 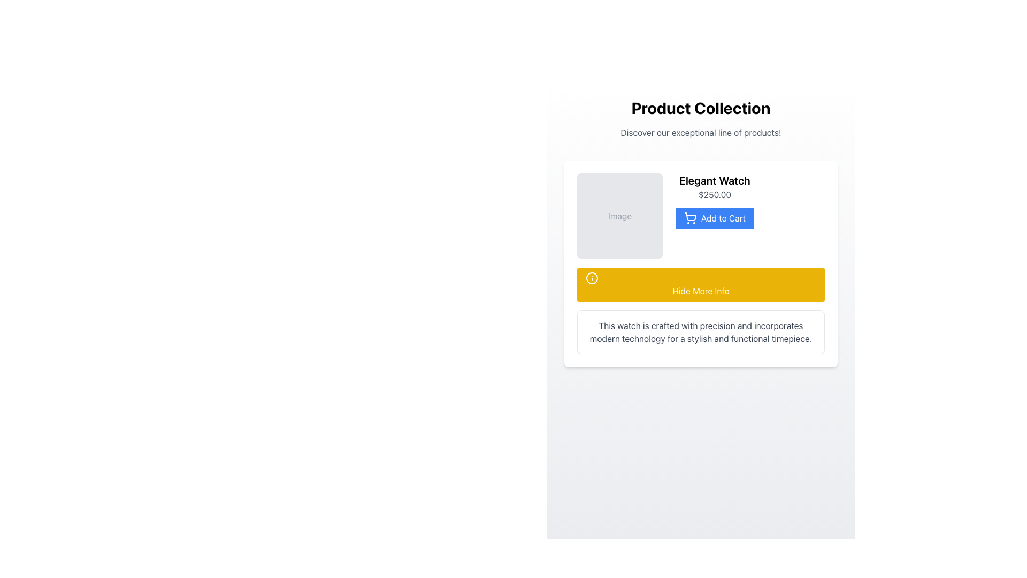 I want to click on the placeholder text label for the product image, which is centered within a gray rounded rectangle in the top-left section of the product card, so click(x=619, y=216).